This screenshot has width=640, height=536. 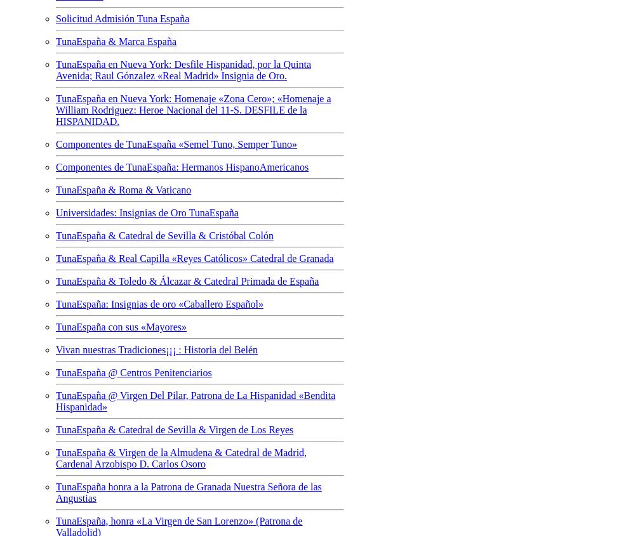 What do you see at coordinates (55, 257) in the screenshot?
I see `'TunaEspaña & Real Capilla «Reyes Católicos» Catedral de Granada'` at bounding box center [55, 257].